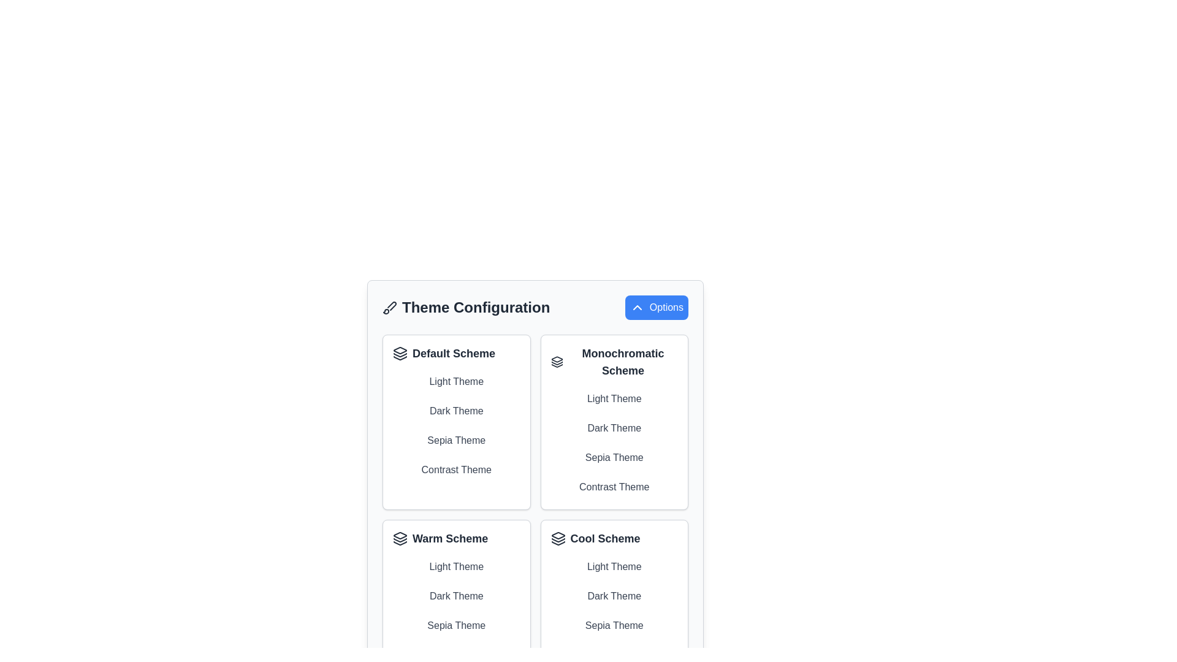 Image resolution: width=1177 pixels, height=662 pixels. What do you see at coordinates (557, 538) in the screenshot?
I see `the 'Cool Scheme' icon that signifies multiple layers or components, located in the bottom-right section of the grid layout, to the left of its text label` at bounding box center [557, 538].